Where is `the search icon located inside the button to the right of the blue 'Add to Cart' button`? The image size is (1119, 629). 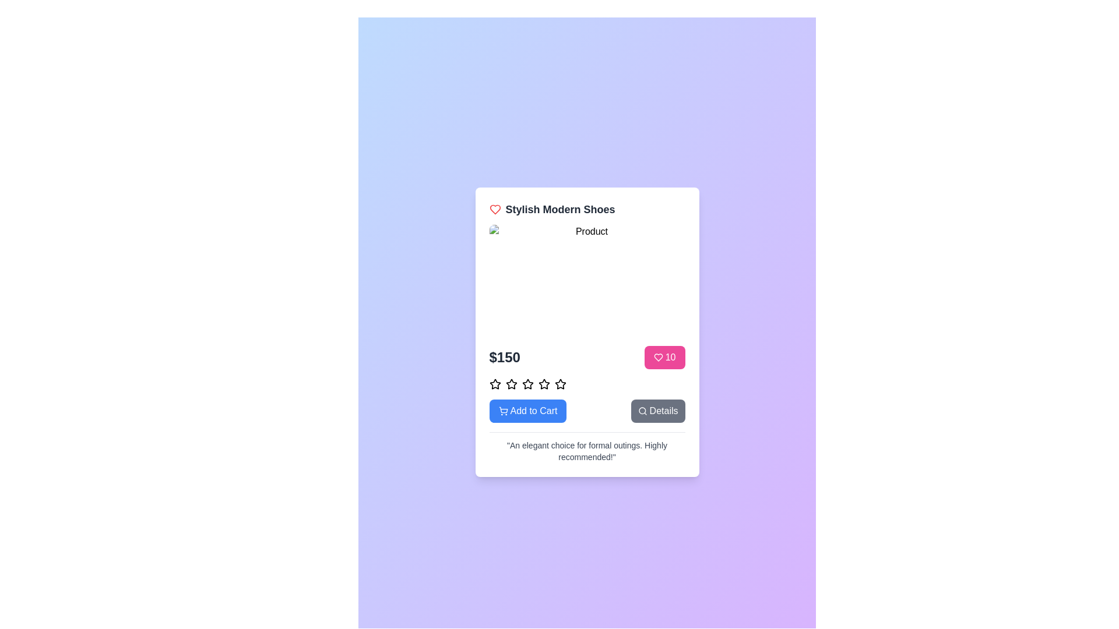 the search icon located inside the button to the right of the blue 'Add to Cart' button is located at coordinates (642, 410).